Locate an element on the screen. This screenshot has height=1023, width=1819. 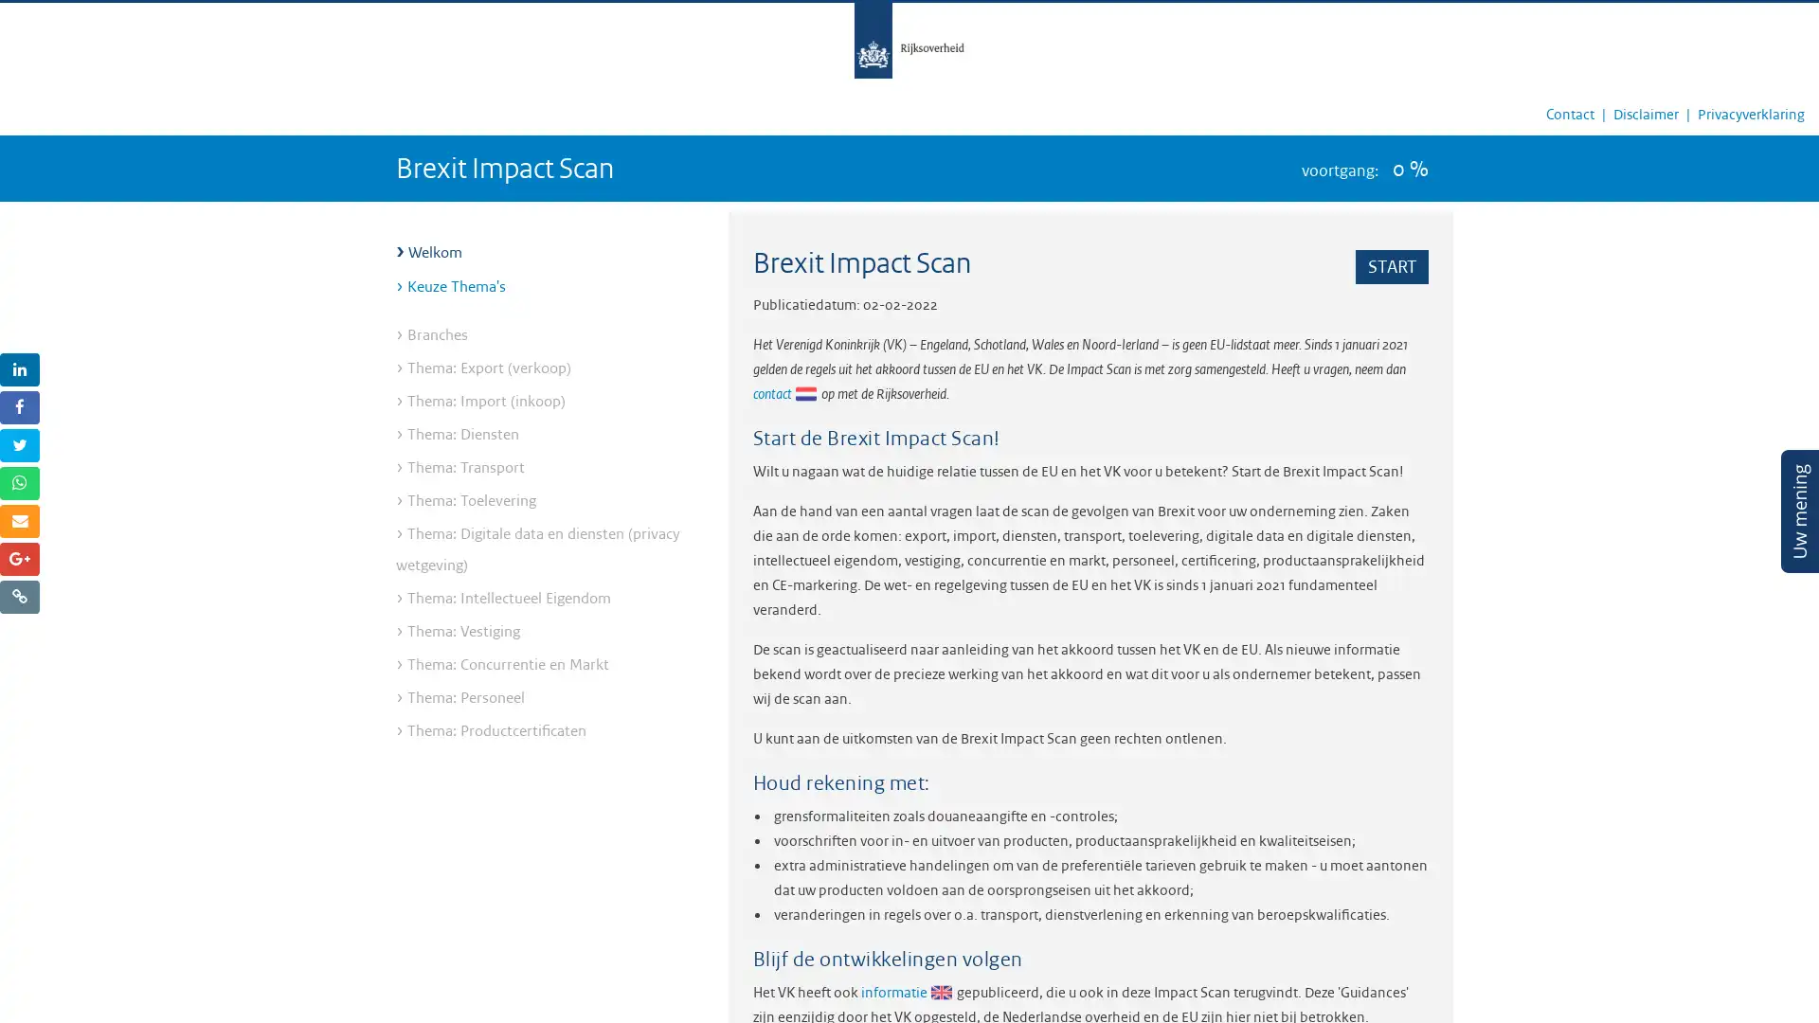
Thema: Export (verkoop) is located at coordinates (545, 368).